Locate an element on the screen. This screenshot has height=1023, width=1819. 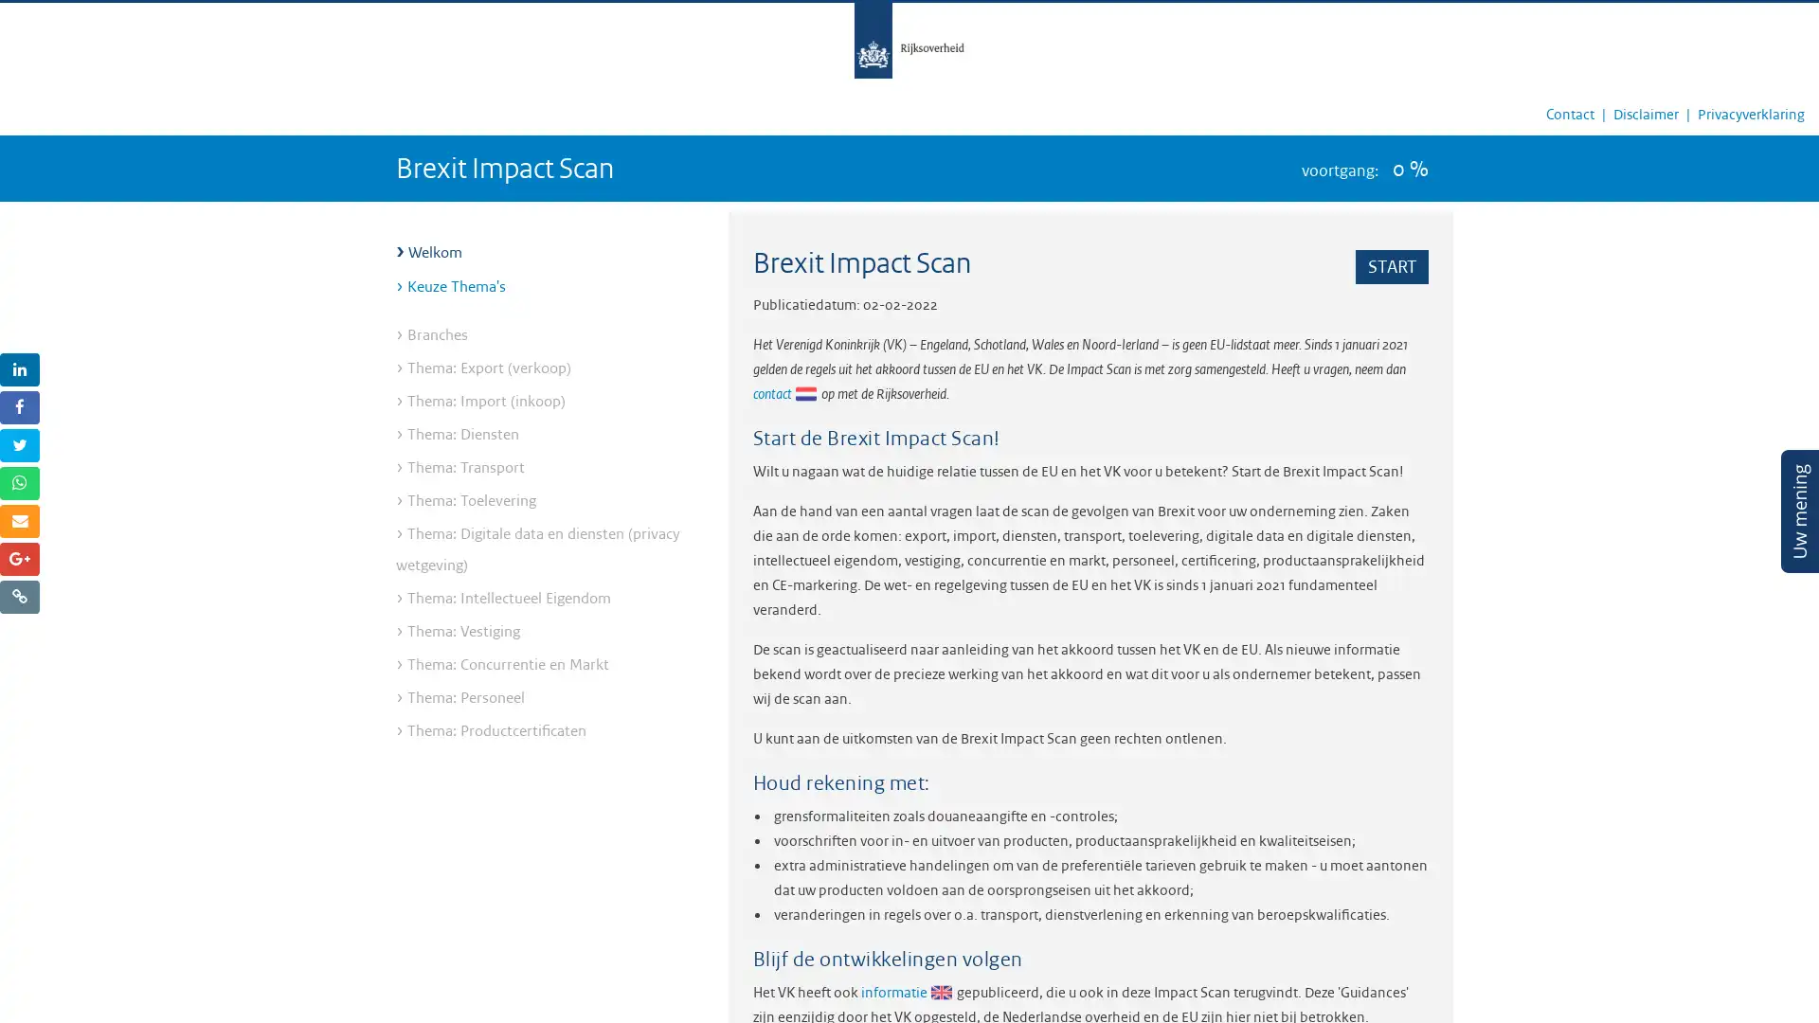
Thema: Export (verkoop) is located at coordinates (545, 368).